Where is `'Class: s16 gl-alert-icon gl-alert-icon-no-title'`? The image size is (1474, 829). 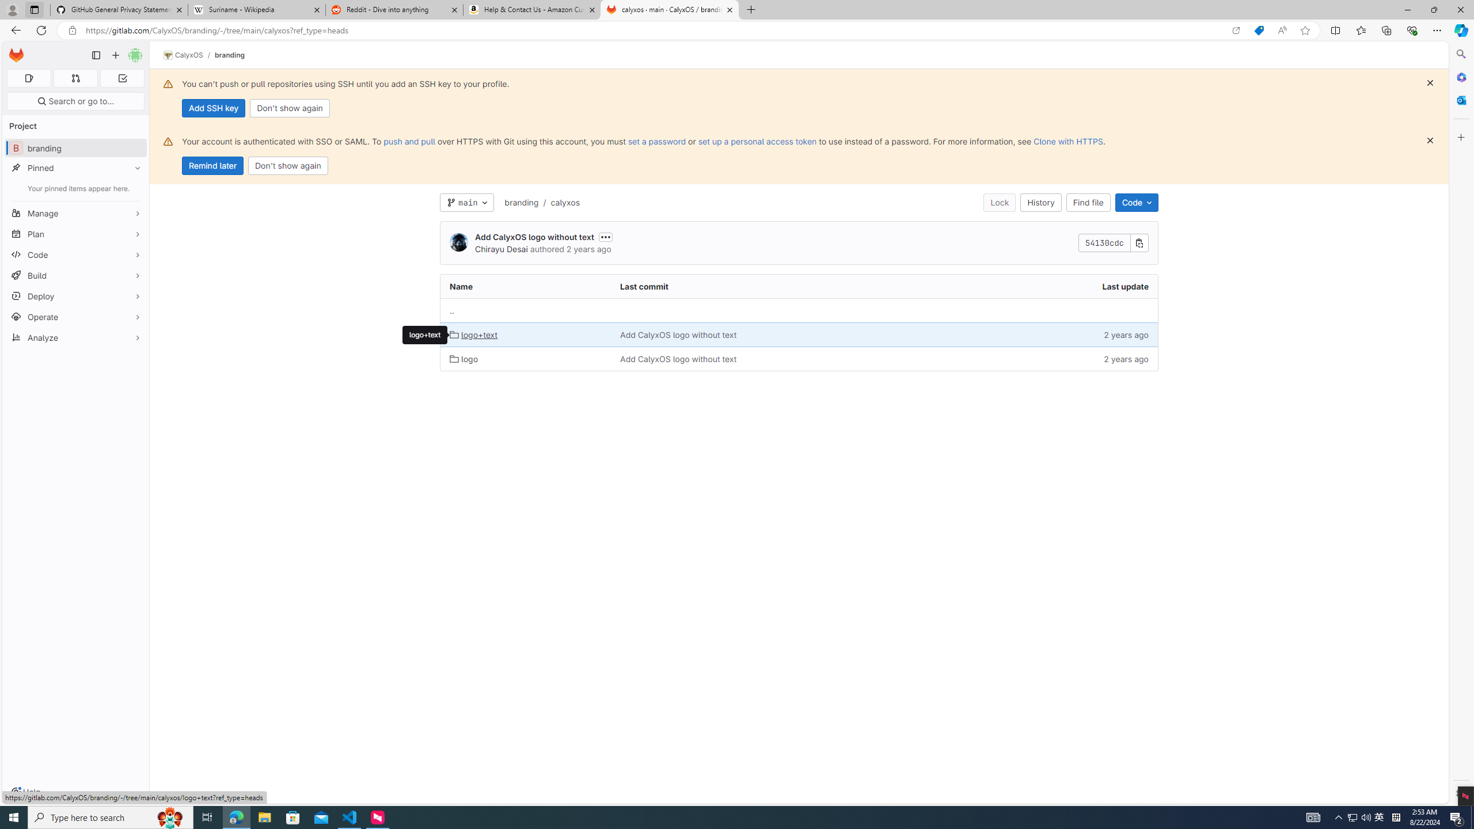
'Class: s16 gl-alert-icon gl-alert-icon-no-title' is located at coordinates (167, 141).